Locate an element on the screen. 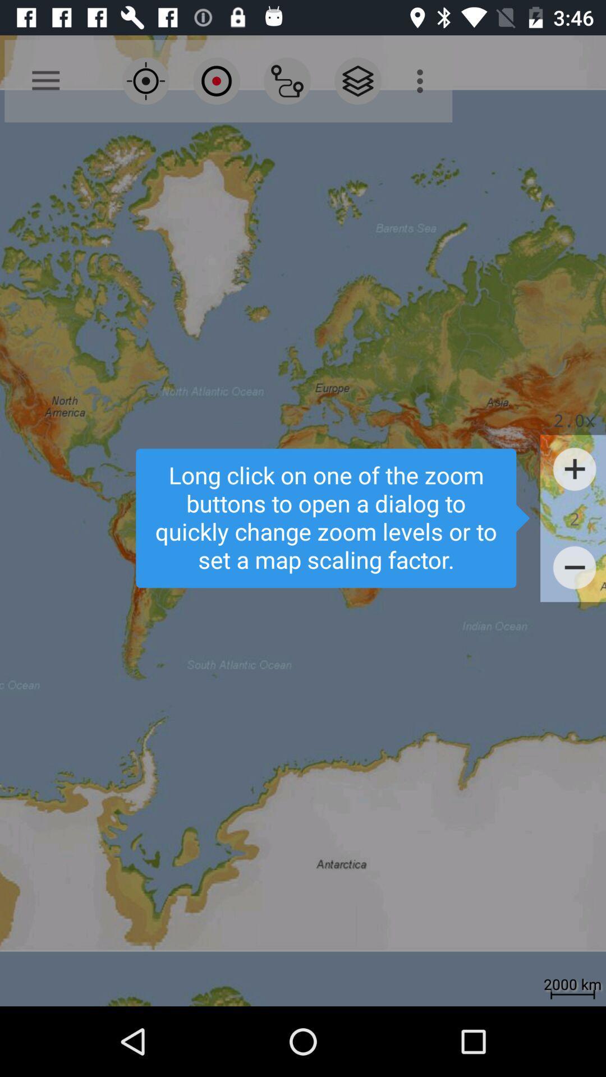 The image size is (606, 1077). the item below 2.0x is located at coordinates (575, 469).